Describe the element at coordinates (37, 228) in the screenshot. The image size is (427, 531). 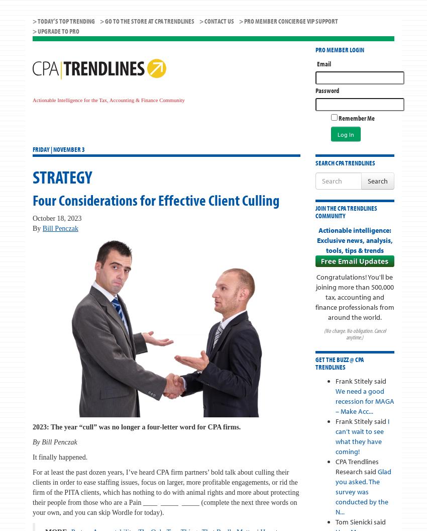
I see `'By'` at that location.